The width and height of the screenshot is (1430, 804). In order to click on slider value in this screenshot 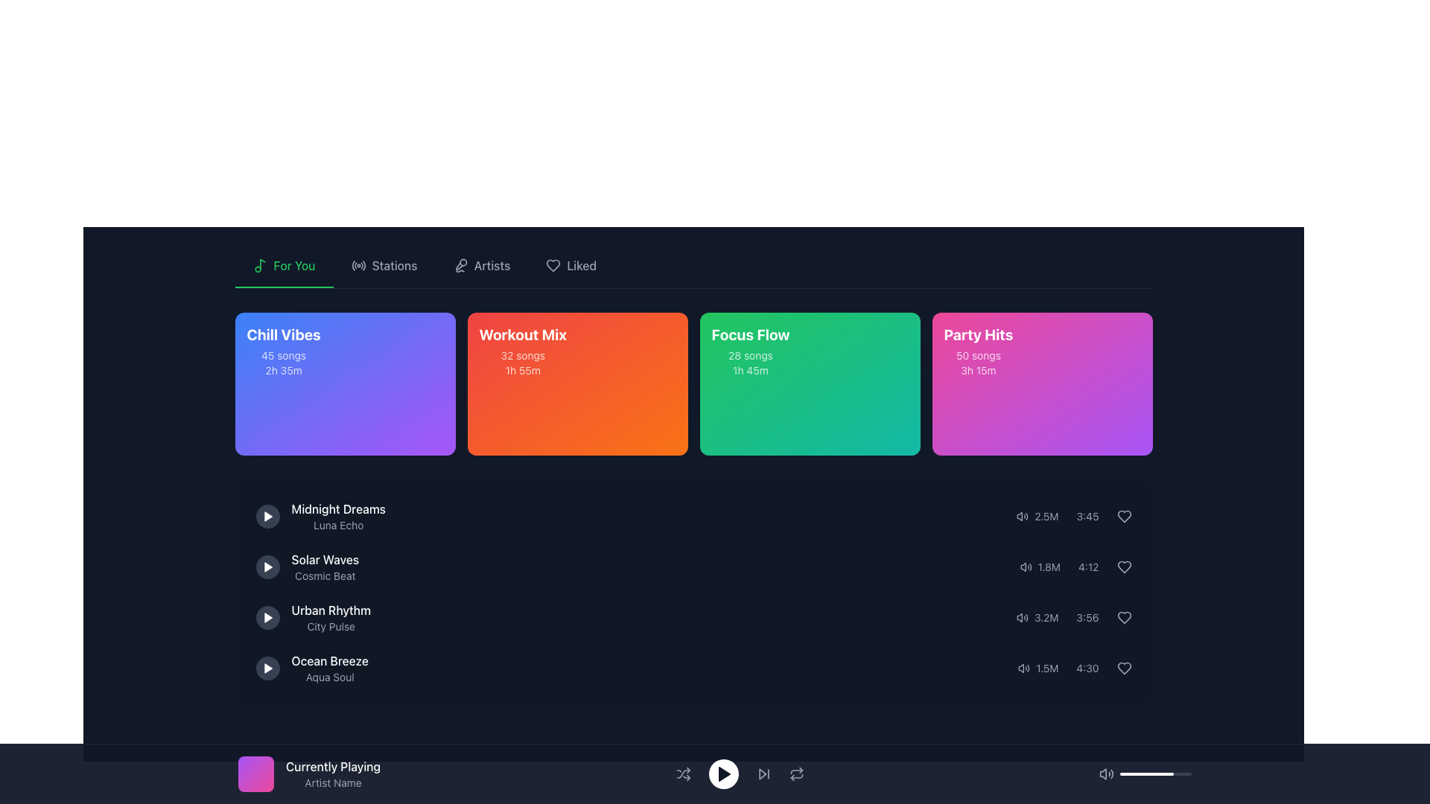, I will do `click(1130, 773)`.